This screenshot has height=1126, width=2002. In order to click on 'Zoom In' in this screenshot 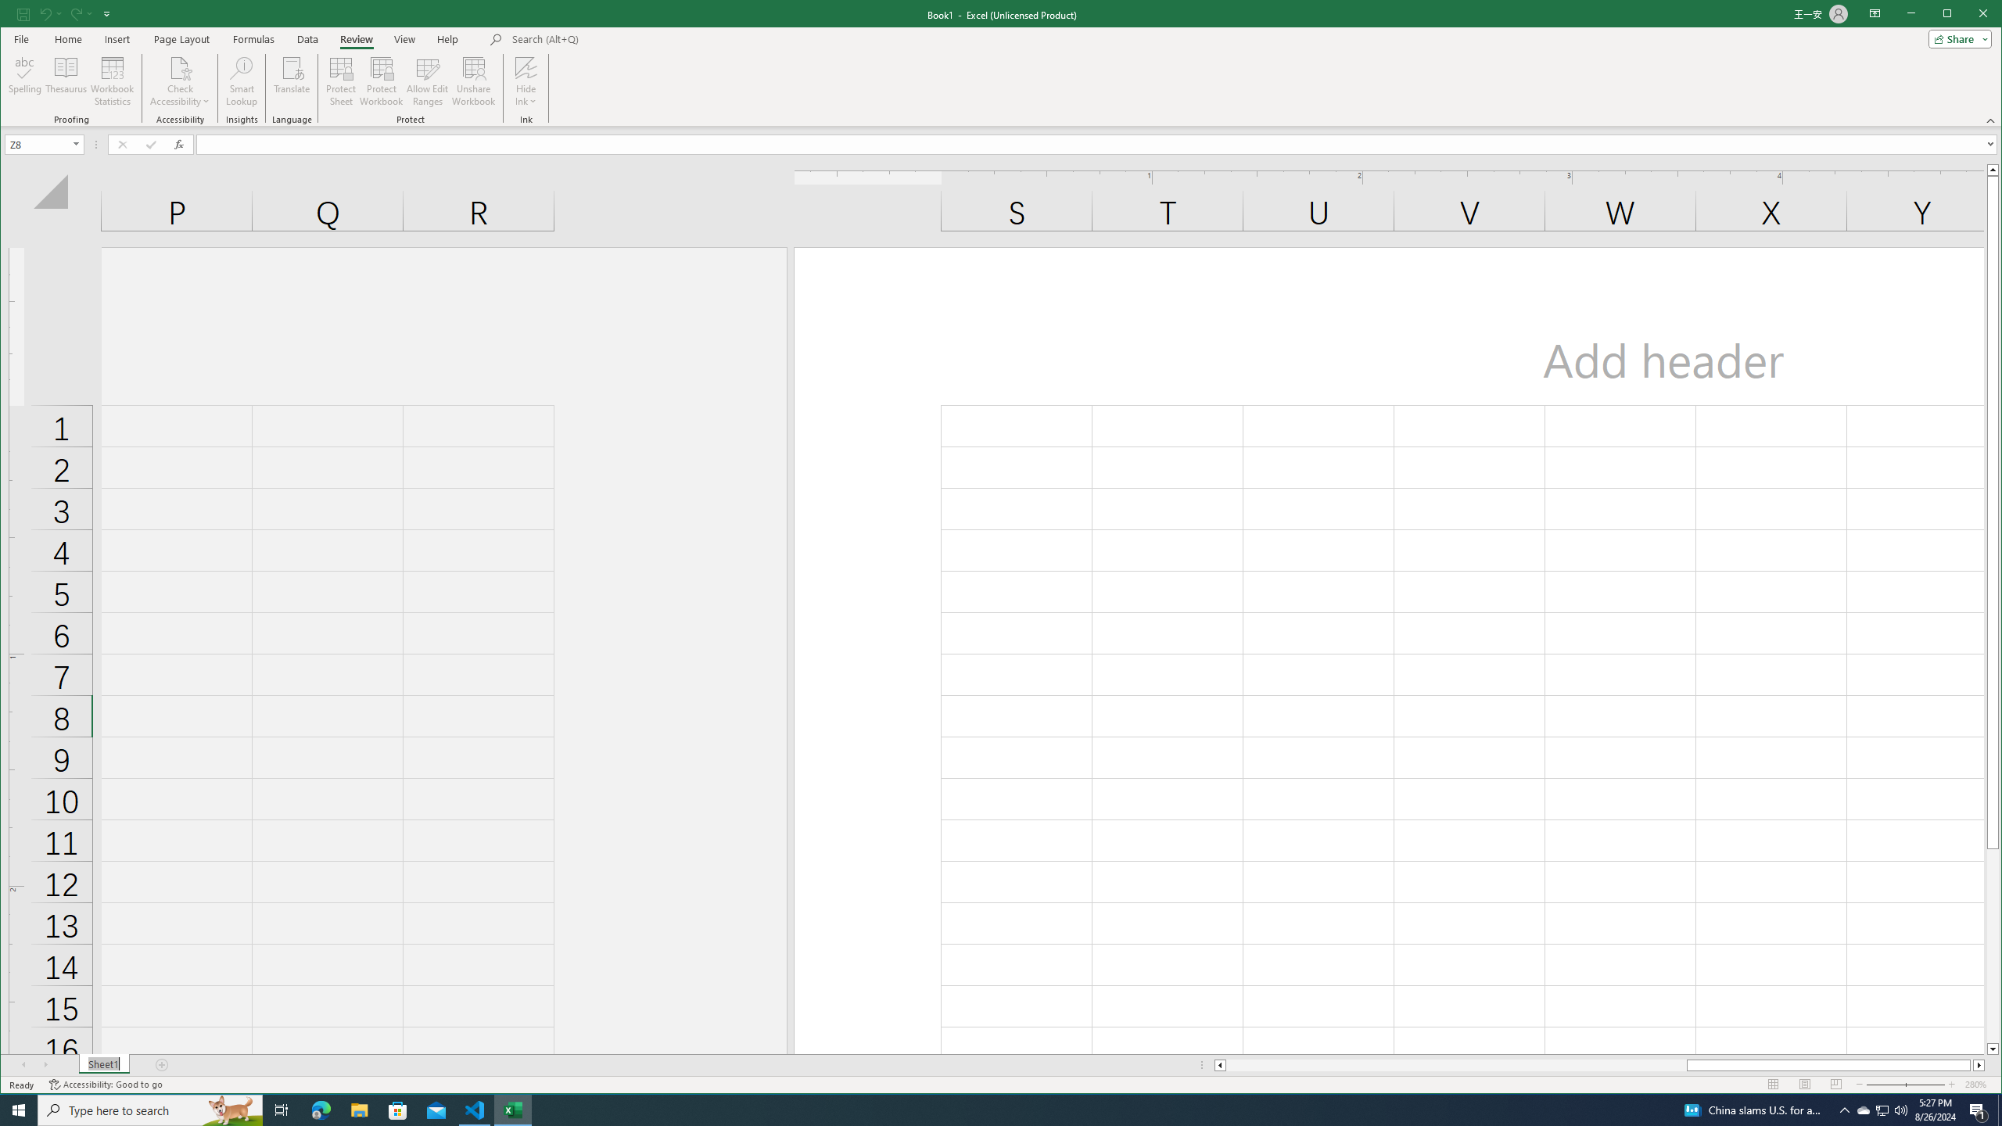, I will do `click(1951, 1084)`.